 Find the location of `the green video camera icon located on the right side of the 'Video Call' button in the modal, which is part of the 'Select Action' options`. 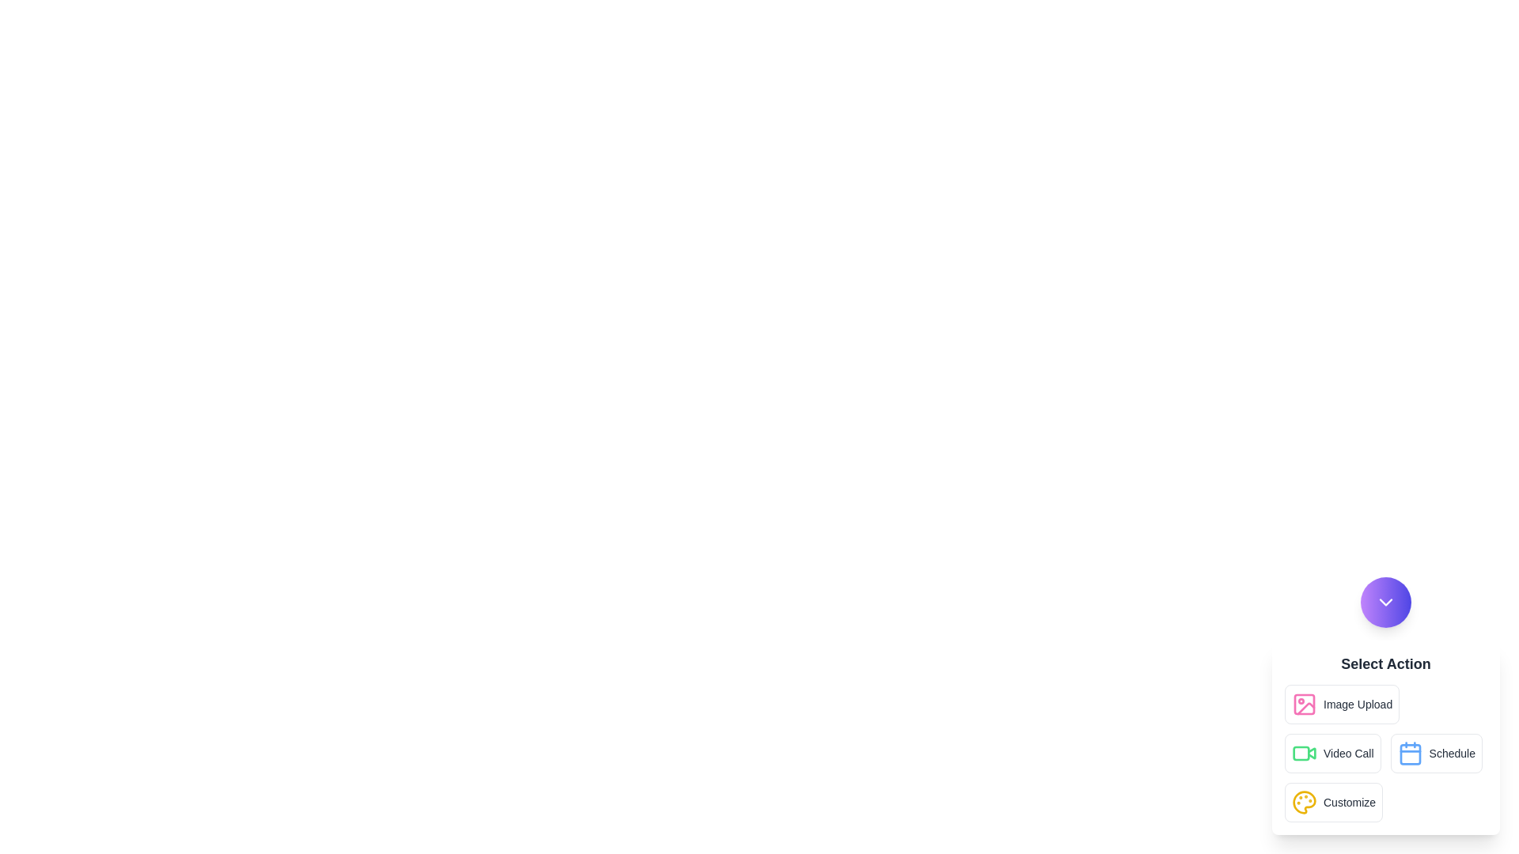

the green video camera icon located on the right side of the 'Video Call' button in the modal, which is part of the 'Select Action' options is located at coordinates (1305, 752).